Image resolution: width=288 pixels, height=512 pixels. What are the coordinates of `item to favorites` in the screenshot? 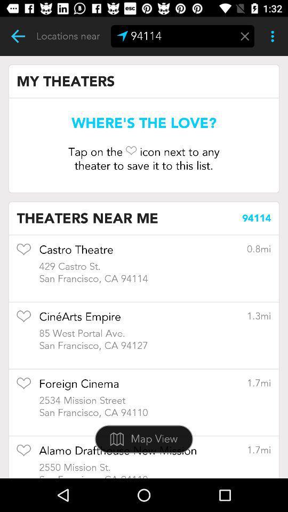 It's located at (23, 253).